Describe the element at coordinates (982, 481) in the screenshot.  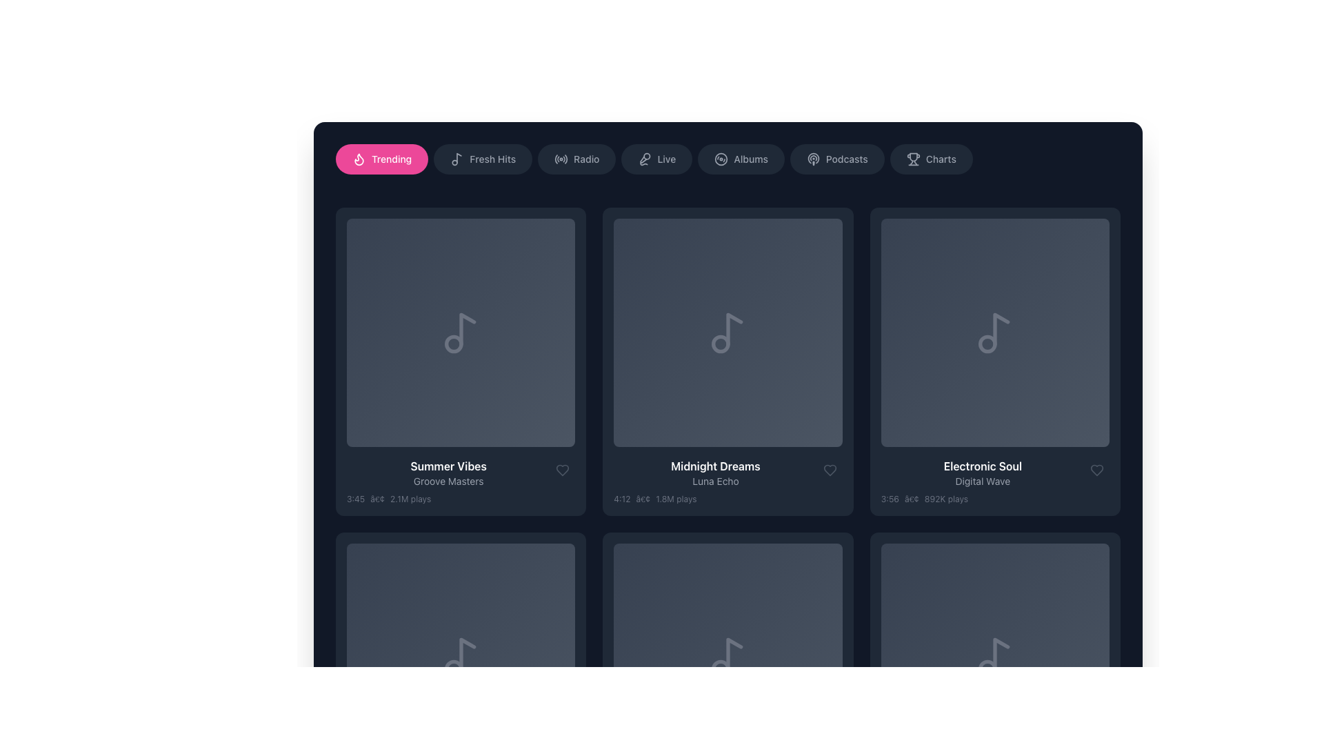
I see `the text label displaying additional information under the main title 'Electronic Soul' in the song card located in the third column of the first row` at that location.